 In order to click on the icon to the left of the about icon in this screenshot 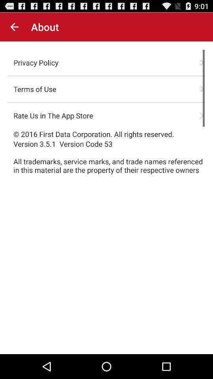, I will do `click(14, 27)`.